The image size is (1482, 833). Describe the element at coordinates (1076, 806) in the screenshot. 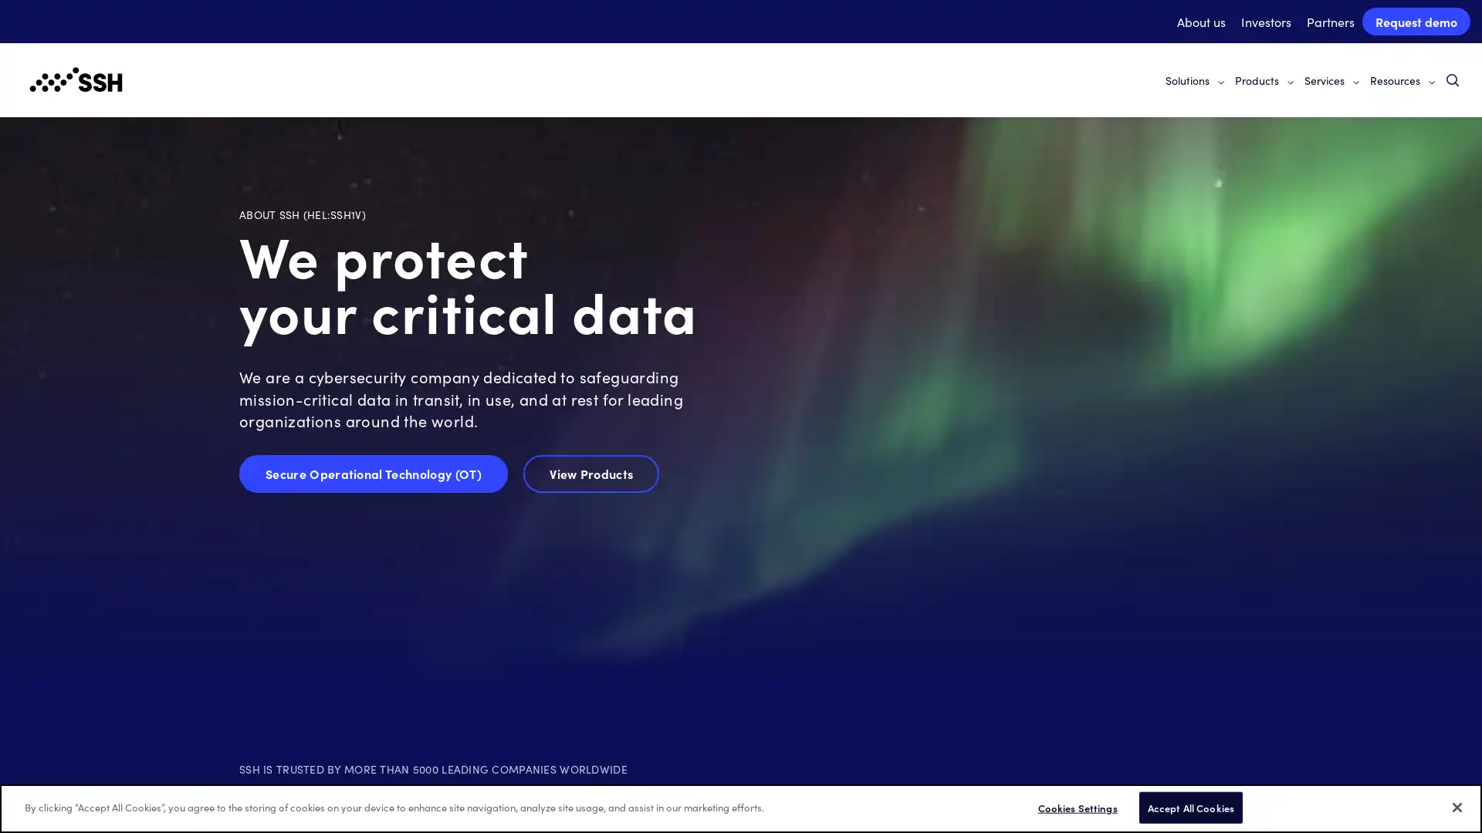

I see `Cookies Settings` at that location.